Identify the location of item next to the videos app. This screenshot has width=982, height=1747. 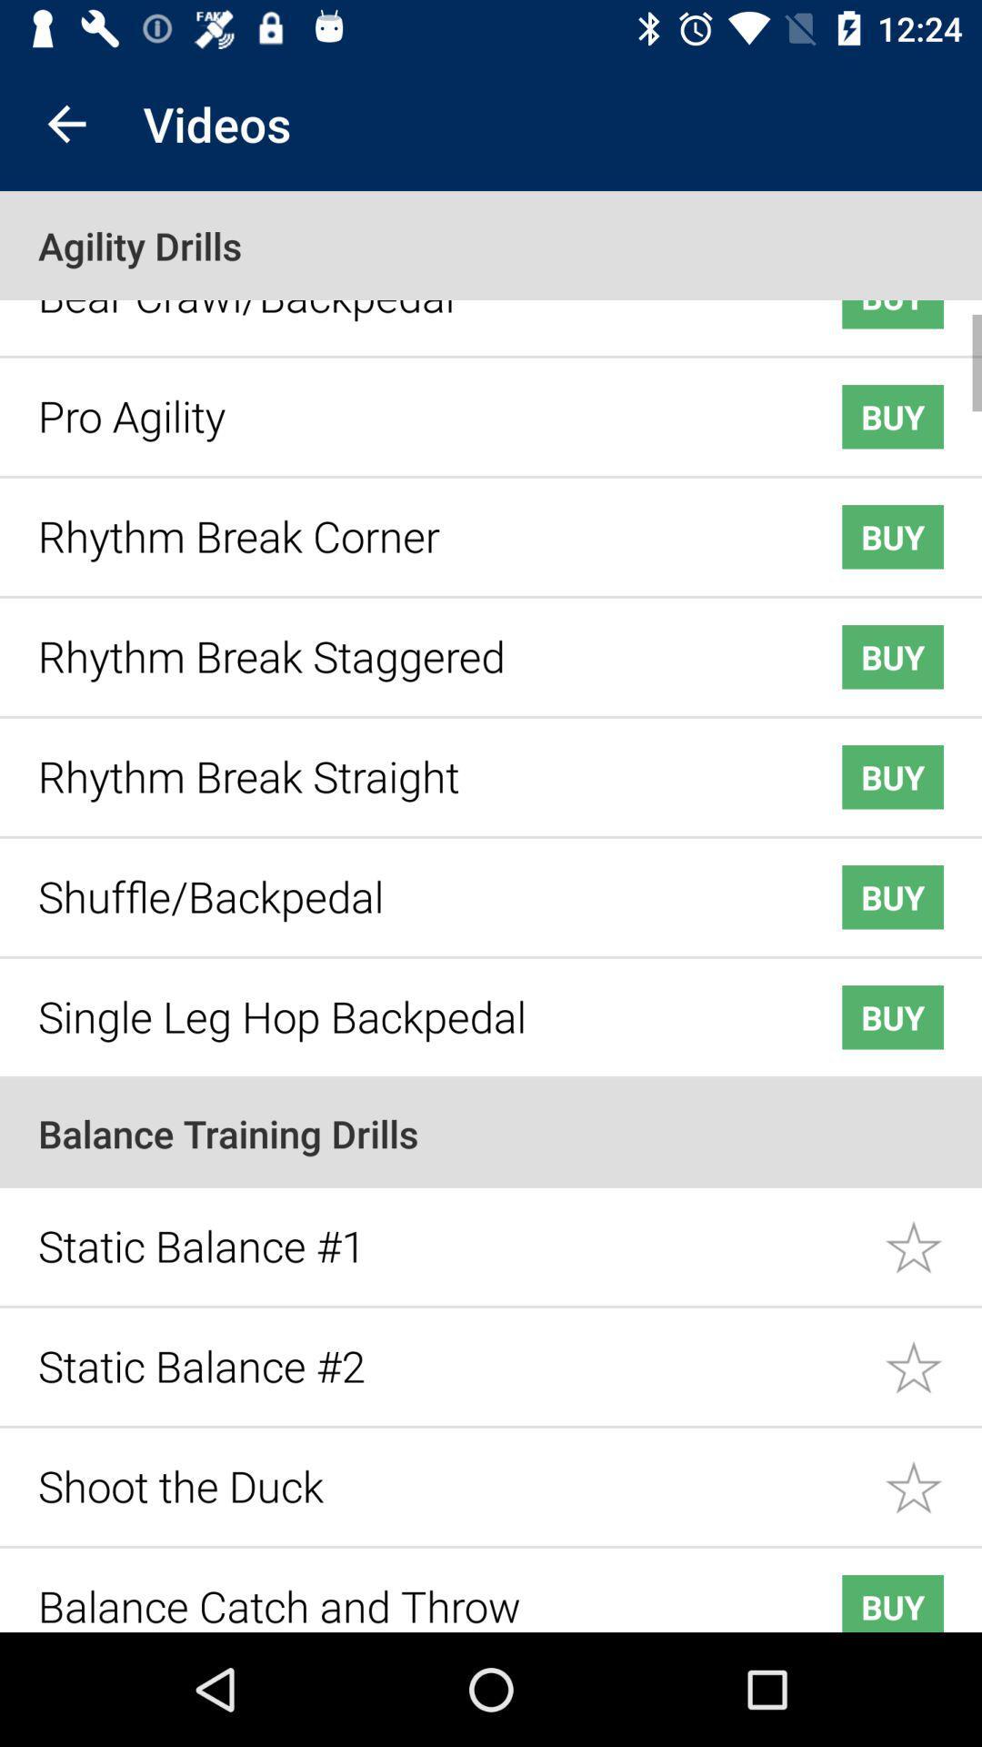
(65, 123).